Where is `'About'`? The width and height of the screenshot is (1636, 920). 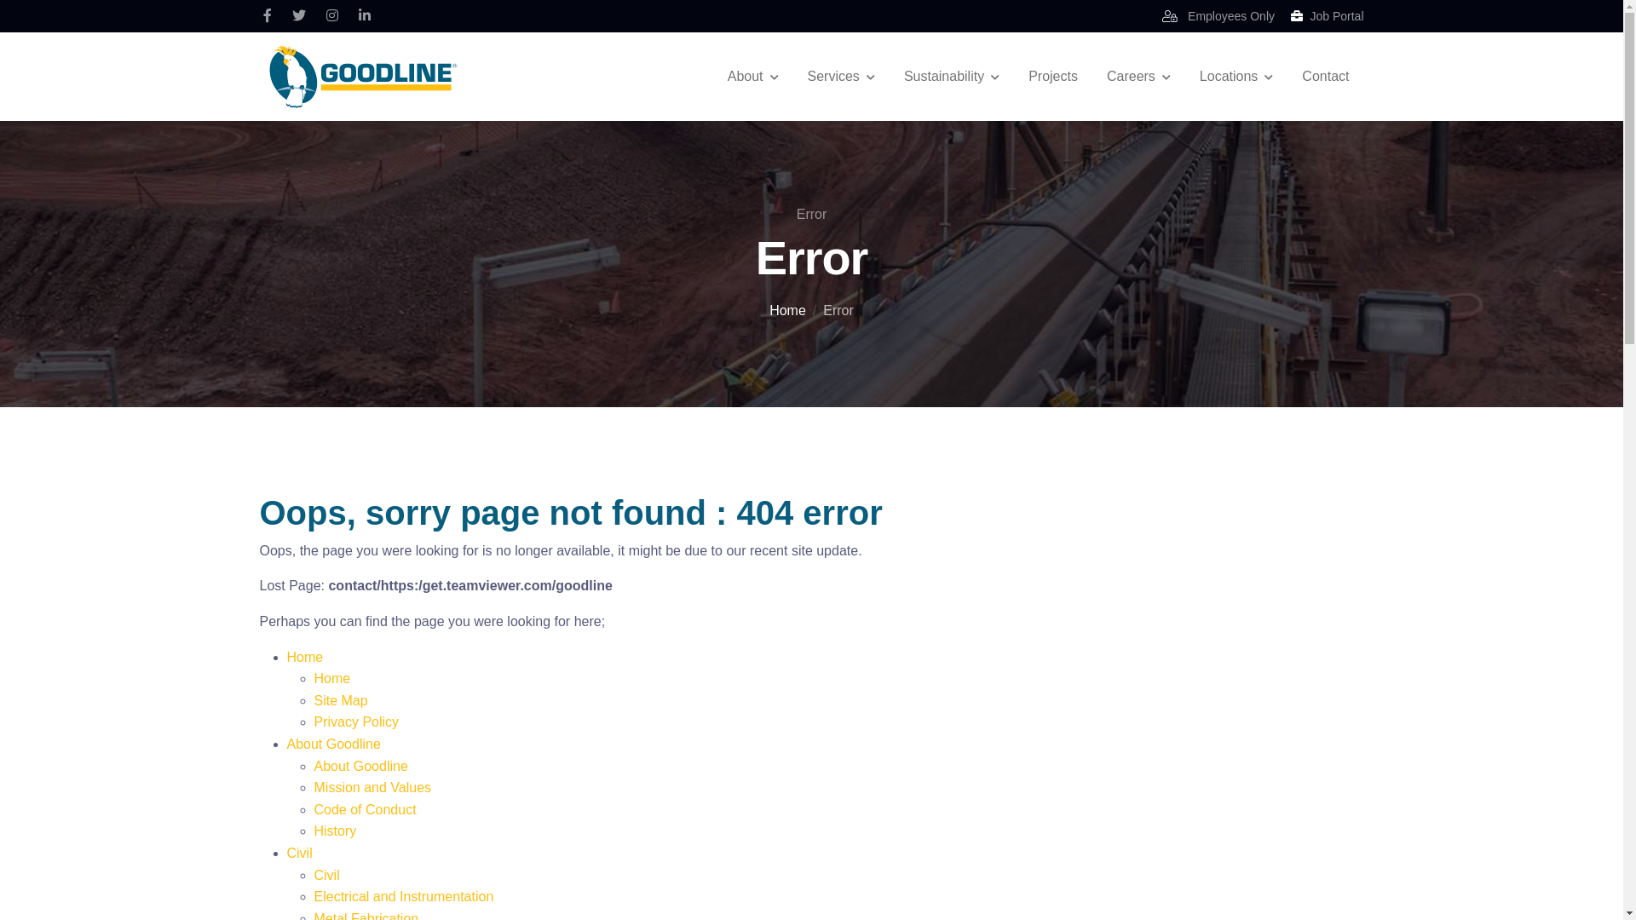 'About' is located at coordinates (752, 77).